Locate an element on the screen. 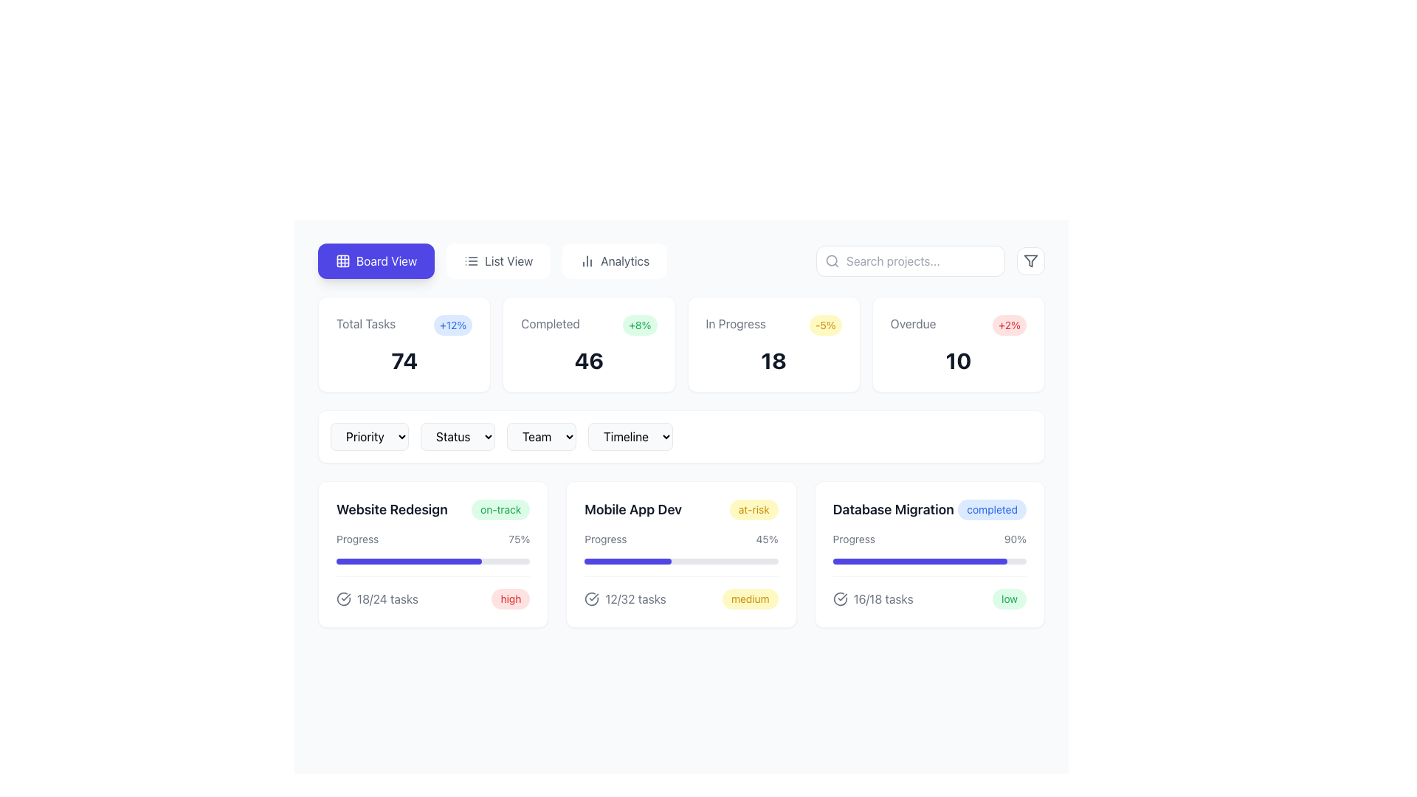  the Badge indicating a 2% increase in the 'Overdue' statistic located in the top-right section of the dashboard, adjacent to the 'Overdue' label is located at coordinates (1009, 324).